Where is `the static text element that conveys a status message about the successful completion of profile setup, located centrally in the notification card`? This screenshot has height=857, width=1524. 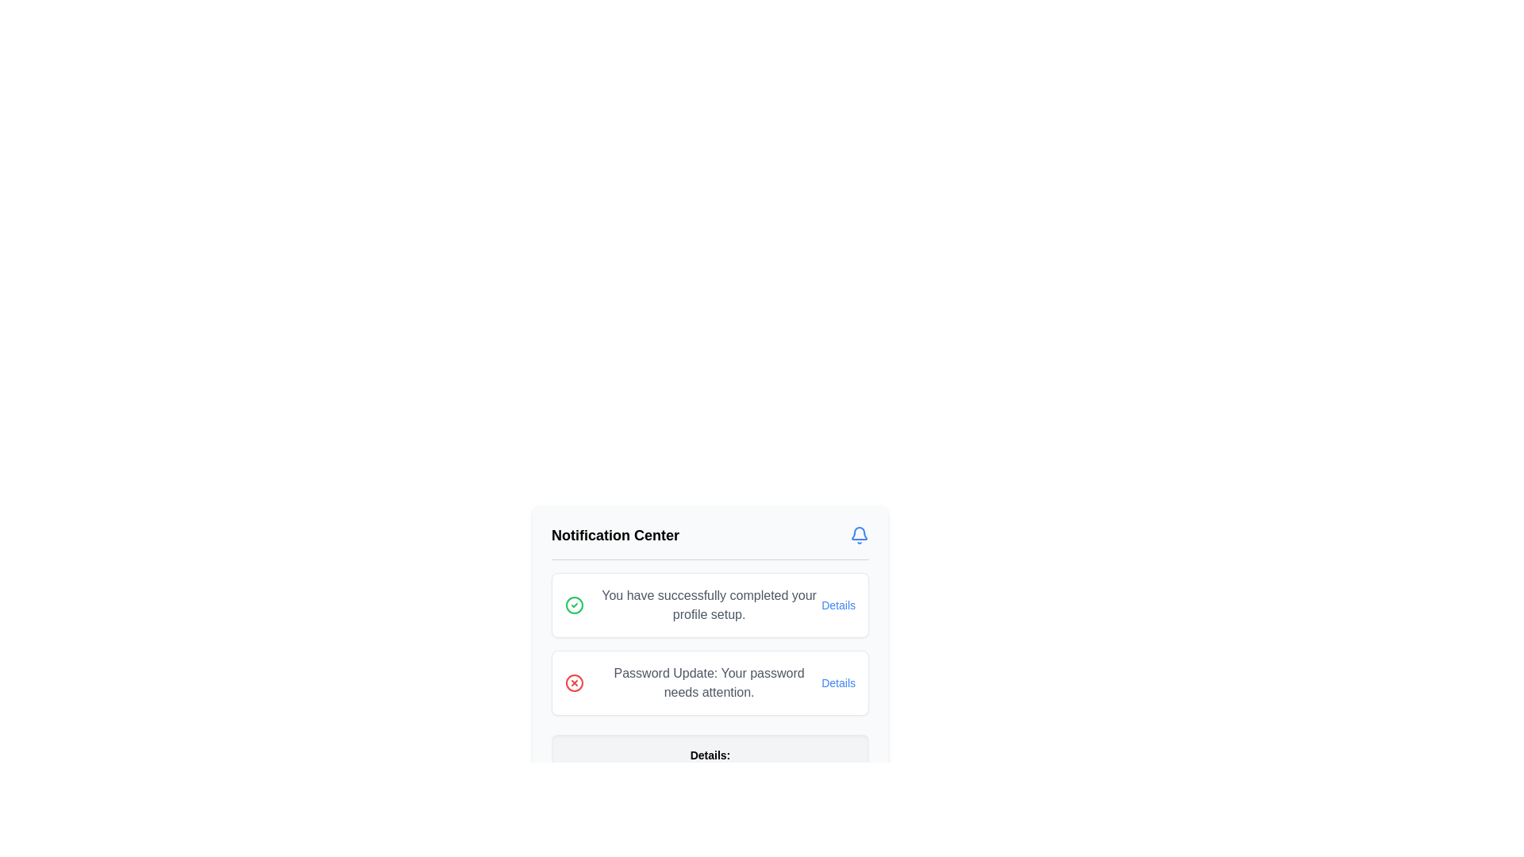
the static text element that conveys a status message about the successful completion of profile setup, located centrally in the notification card is located at coordinates (708, 605).